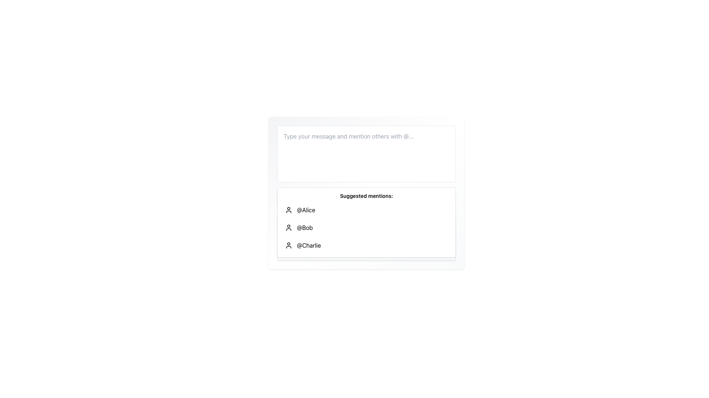 This screenshot has height=398, width=709. What do you see at coordinates (288, 227) in the screenshot?
I see `the user icon representing '@Bob' in the suggested mentions dropdown for potential interaction` at bounding box center [288, 227].